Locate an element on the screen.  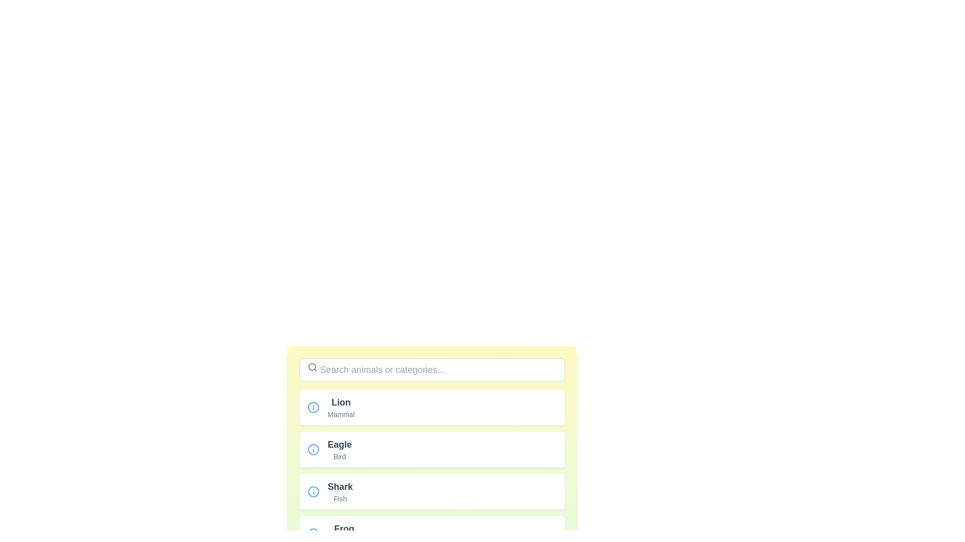
text label displaying 'Bird' which is styled in a small, gray font and located below the word 'Eagle' in the second item of a vertical list is located at coordinates (340, 457).